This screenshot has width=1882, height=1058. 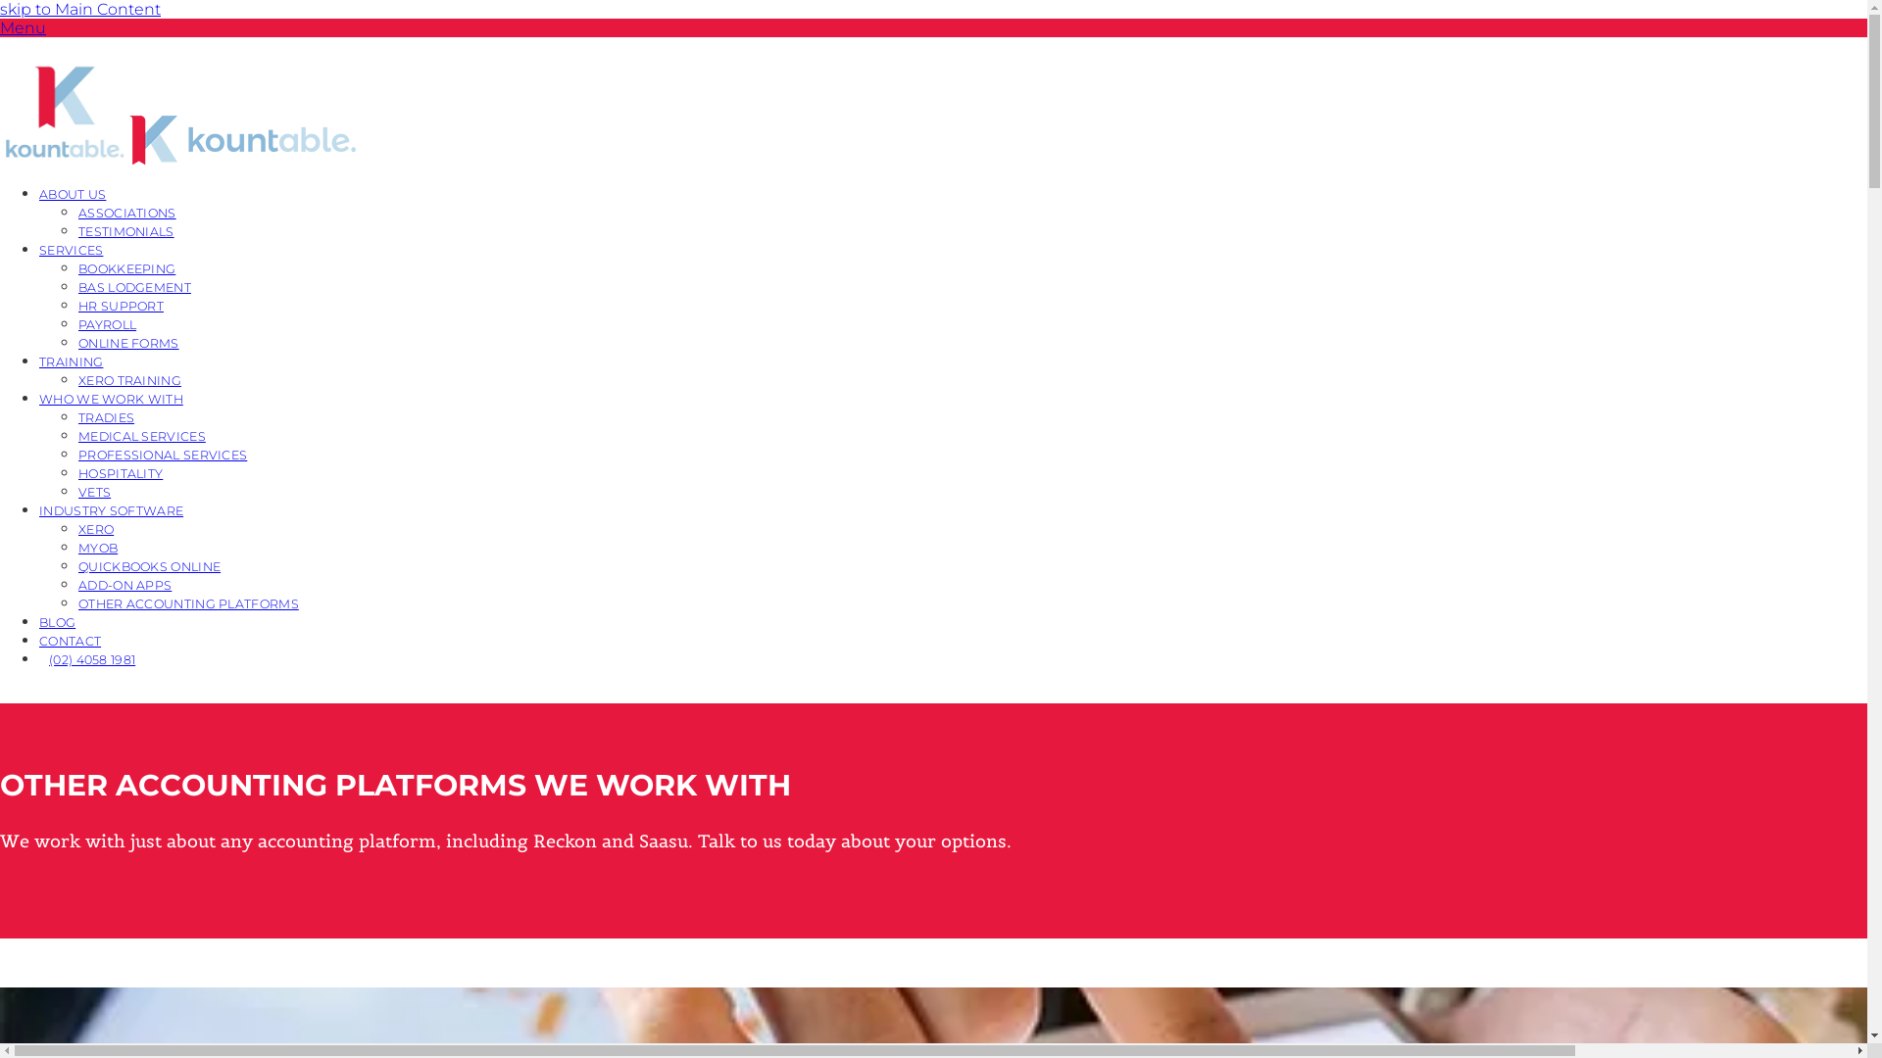 I want to click on 'XERO TRAINING', so click(x=128, y=379).